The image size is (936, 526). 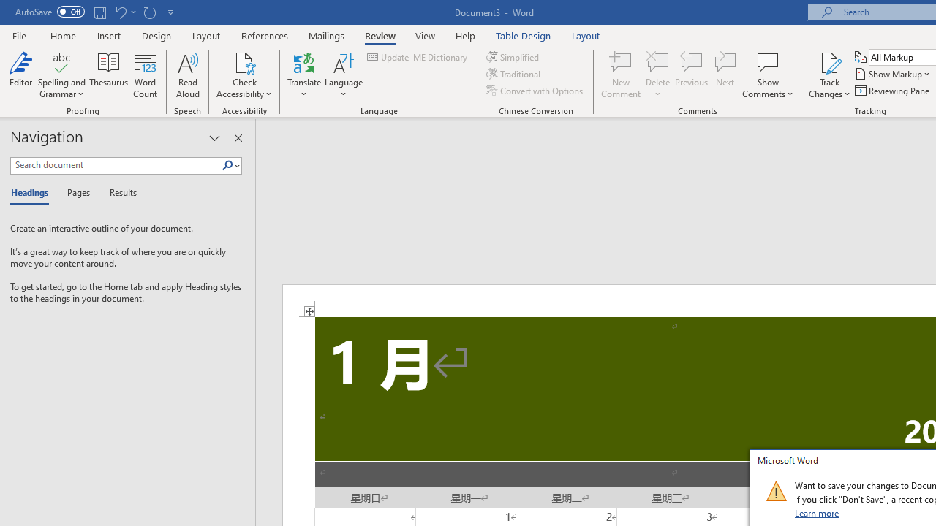 What do you see at coordinates (380, 35) in the screenshot?
I see `'Review'` at bounding box center [380, 35].